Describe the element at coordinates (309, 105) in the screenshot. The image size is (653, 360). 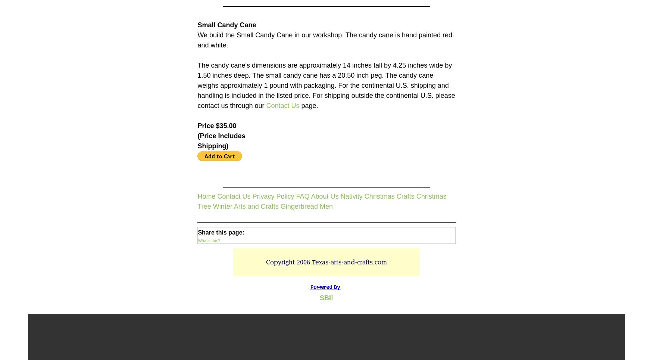
I see `'page.'` at that location.